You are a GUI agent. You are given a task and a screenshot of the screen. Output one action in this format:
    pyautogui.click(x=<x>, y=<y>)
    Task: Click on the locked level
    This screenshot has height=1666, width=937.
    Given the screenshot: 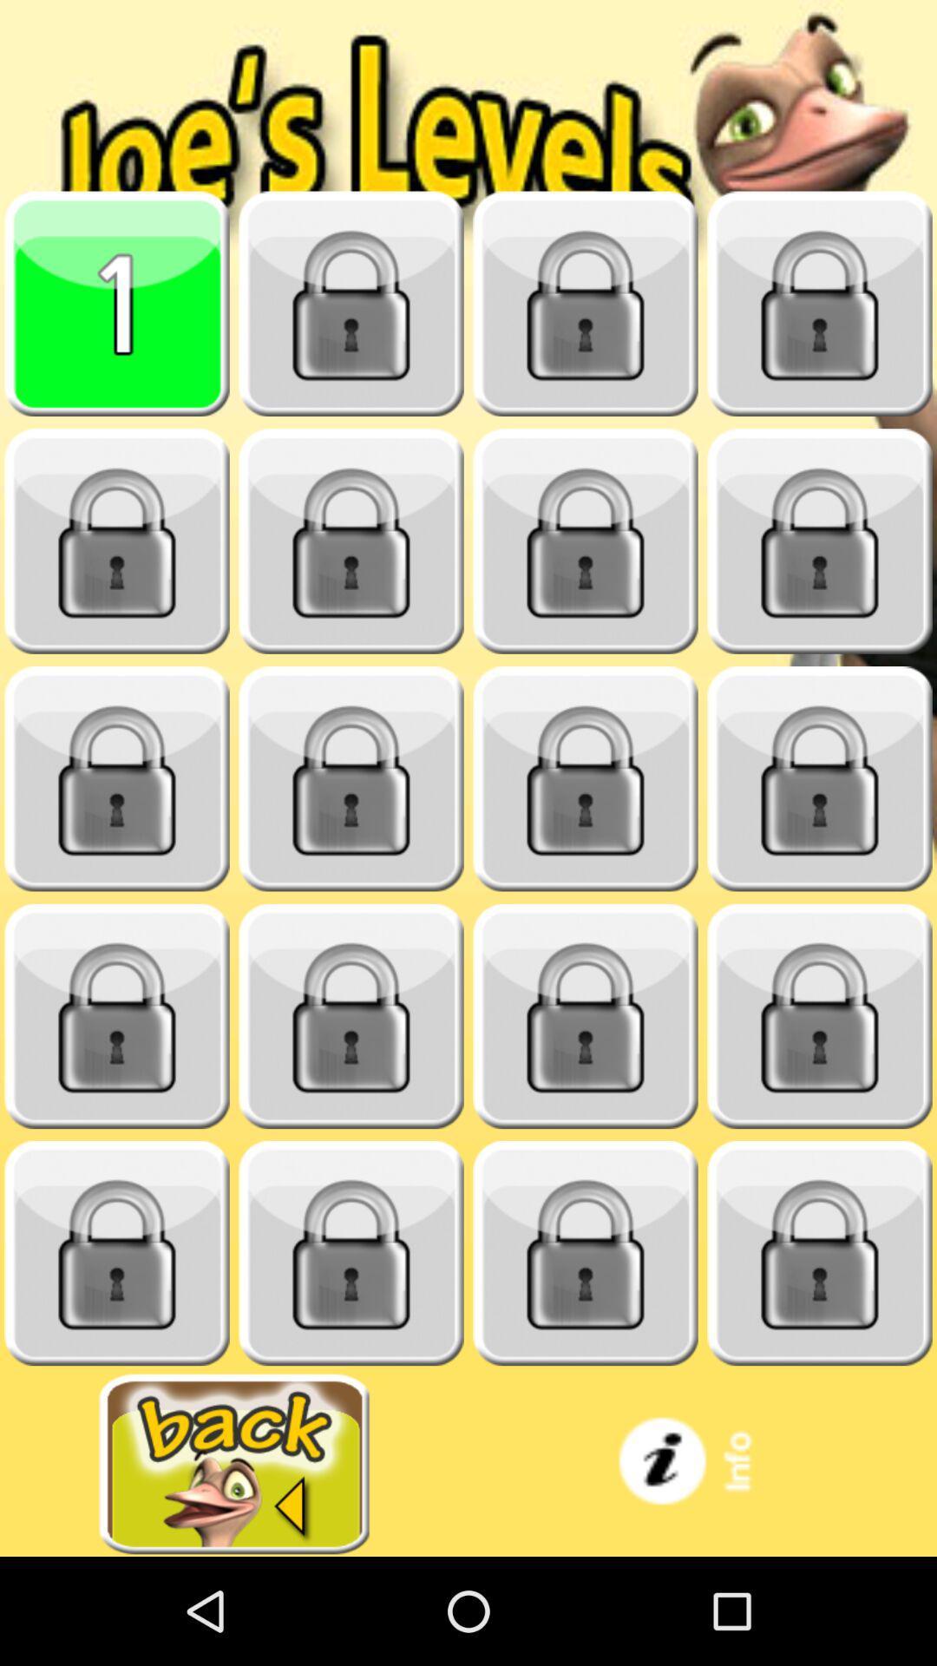 What is the action you would take?
    pyautogui.click(x=820, y=541)
    